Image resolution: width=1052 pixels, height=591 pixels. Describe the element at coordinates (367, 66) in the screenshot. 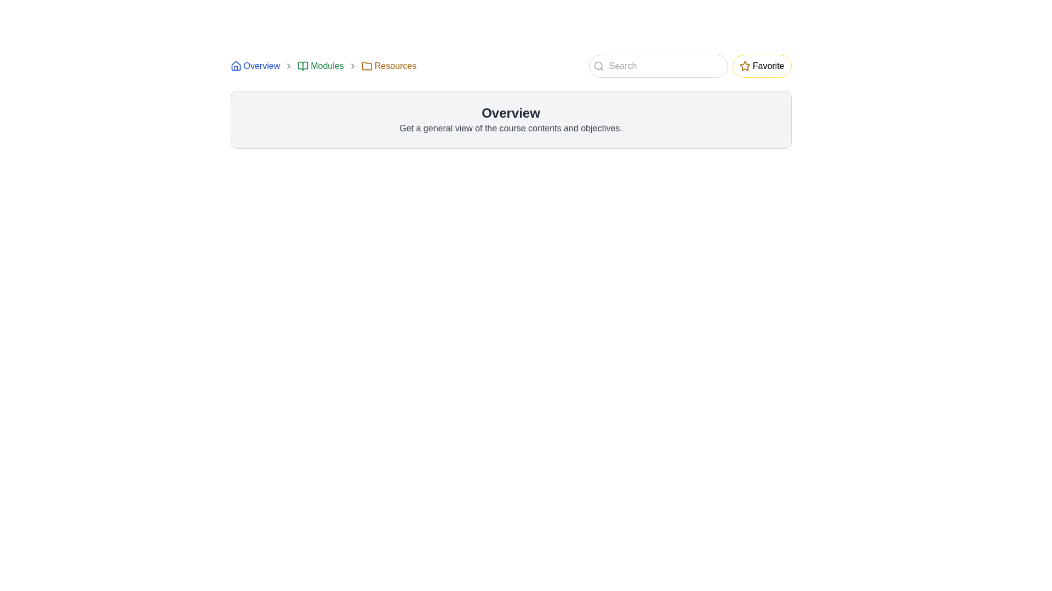

I see `the folder-shaped icon in the breadcrumb navigation bar, located to the right of the 'Modules' breadcrumb and before the 'Resources' breadcrumb` at that location.